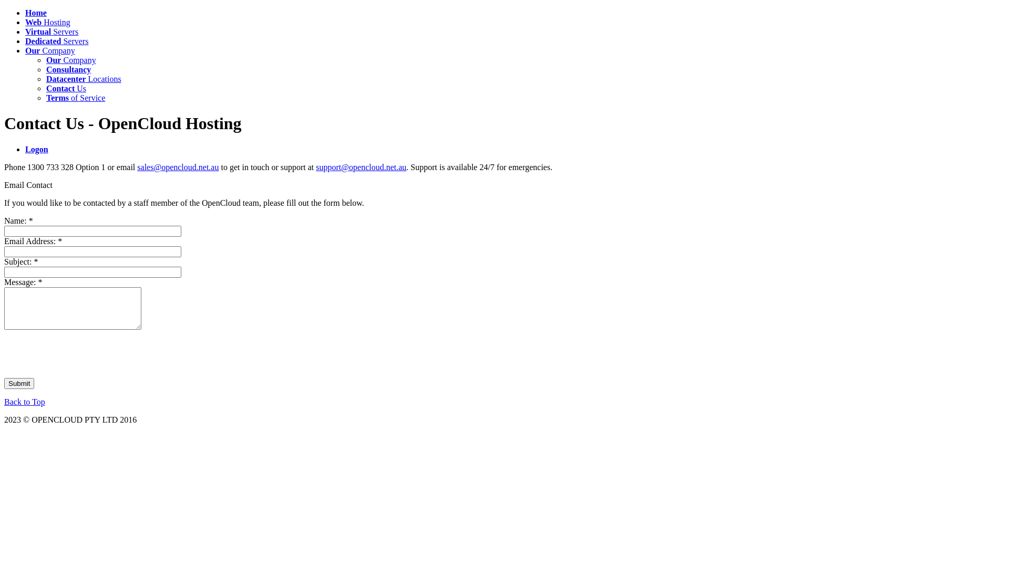  Describe the element at coordinates (36, 13) in the screenshot. I see `'Home'` at that location.